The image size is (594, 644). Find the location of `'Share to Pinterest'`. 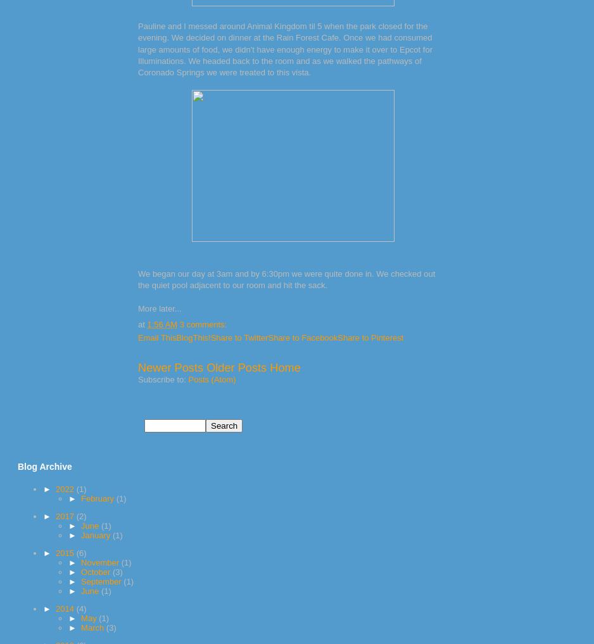

'Share to Pinterest' is located at coordinates (370, 338).